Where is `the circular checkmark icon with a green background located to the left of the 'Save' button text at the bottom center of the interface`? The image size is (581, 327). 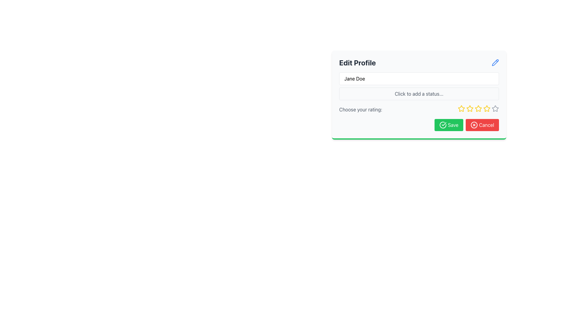 the circular checkmark icon with a green background located to the left of the 'Save' button text at the bottom center of the interface is located at coordinates (443, 124).